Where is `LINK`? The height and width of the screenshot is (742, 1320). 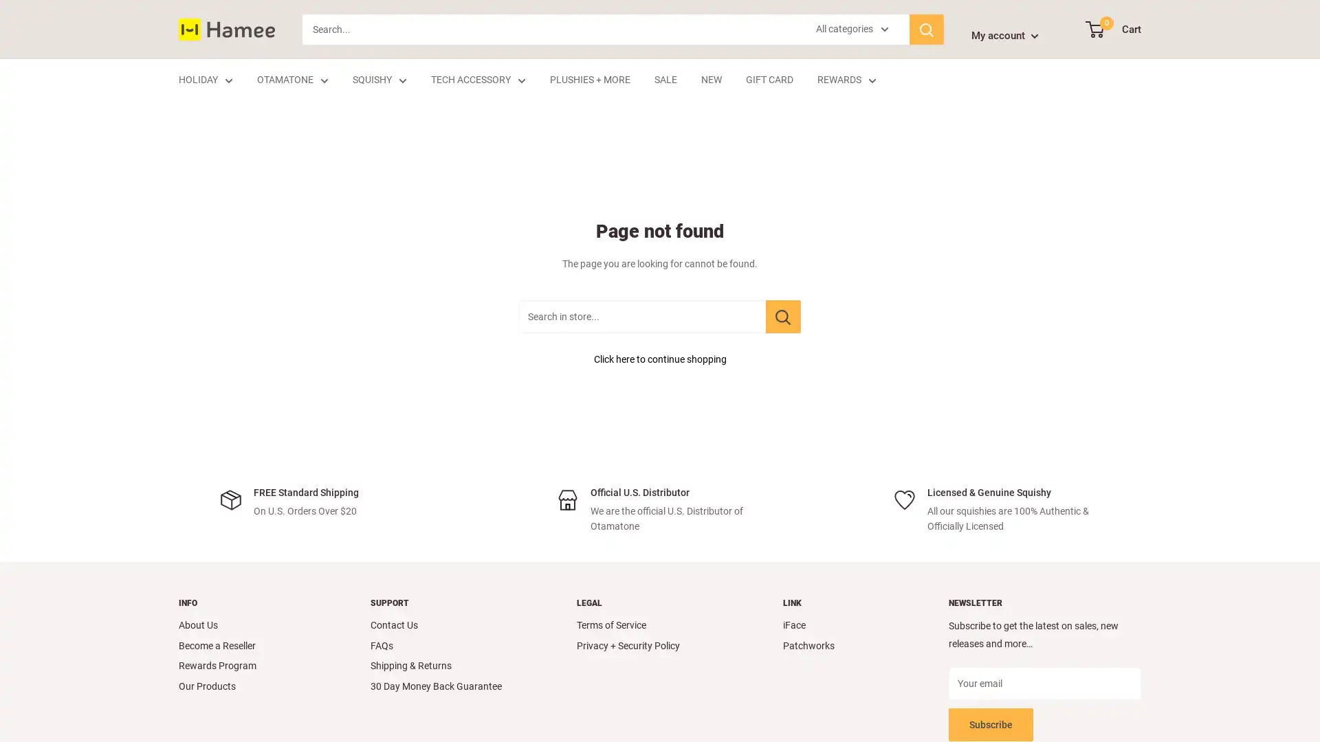 LINK is located at coordinates (841, 602).